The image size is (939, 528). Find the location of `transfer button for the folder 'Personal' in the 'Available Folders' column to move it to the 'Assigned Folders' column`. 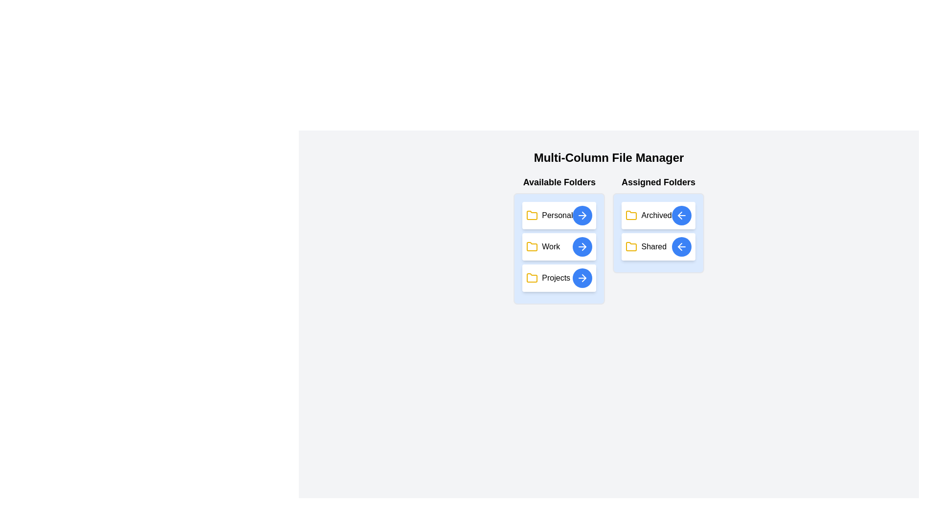

transfer button for the folder 'Personal' in the 'Available Folders' column to move it to the 'Assigned Folders' column is located at coordinates (582, 215).